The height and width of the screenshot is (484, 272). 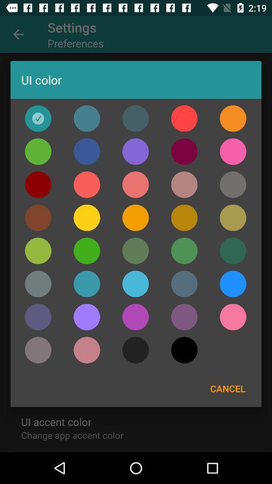 What do you see at coordinates (233, 118) in the screenshot?
I see `the color` at bounding box center [233, 118].